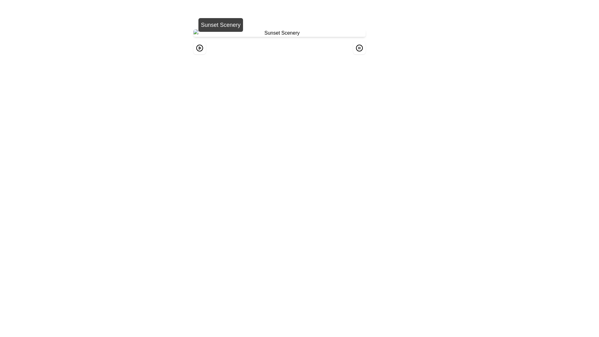  Describe the element at coordinates (199, 48) in the screenshot. I see `the circular graphic element that serves as part of the play button icon, located within the overall layout at the specified coordinates` at that location.